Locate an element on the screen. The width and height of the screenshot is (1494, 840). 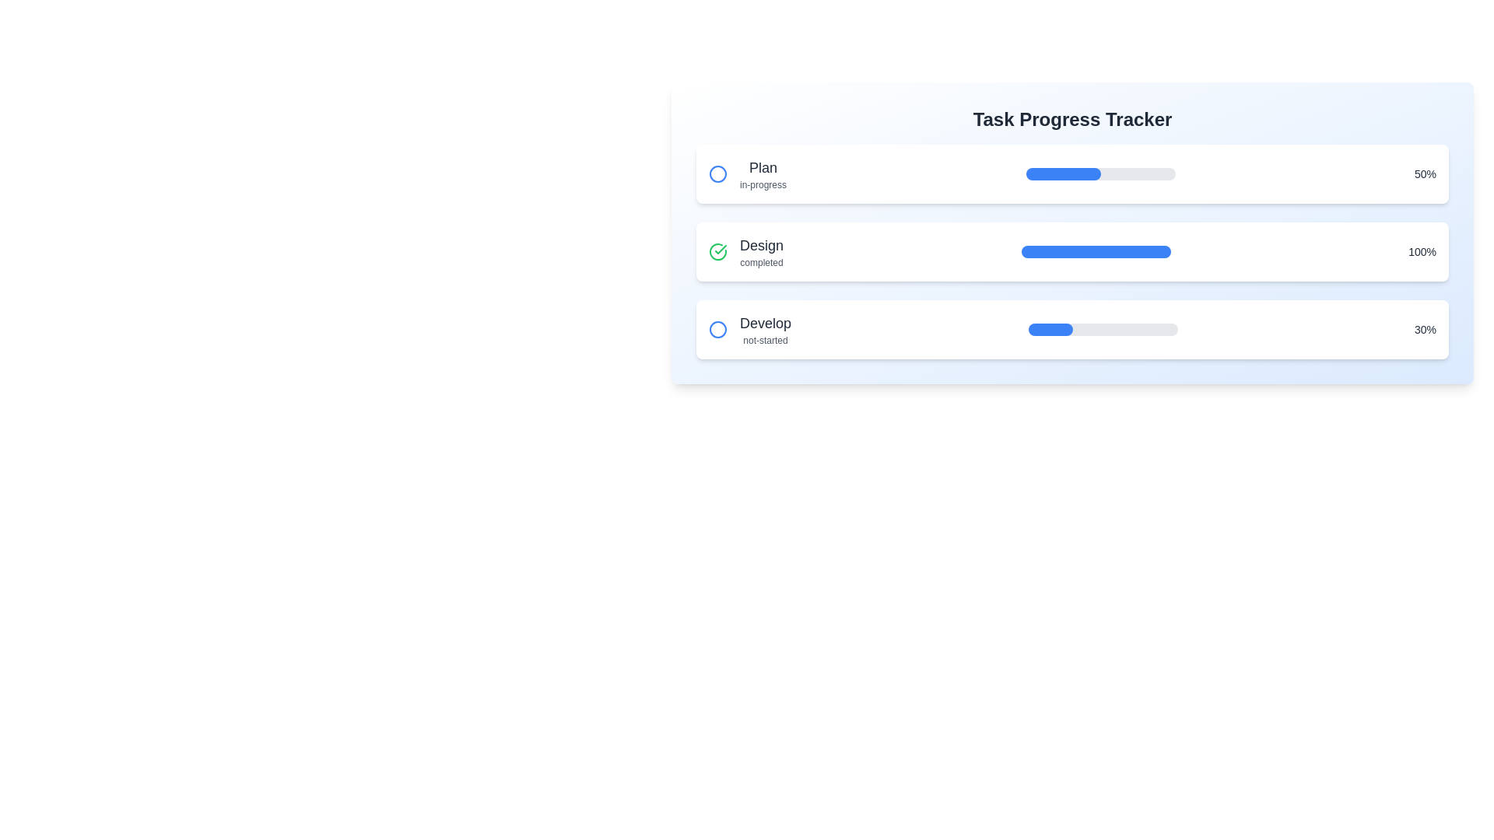
the 'Develop' text label in the task progress tracker, located in the third row, near a circular icon and above the 'not-started' text is located at coordinates (765, 323).